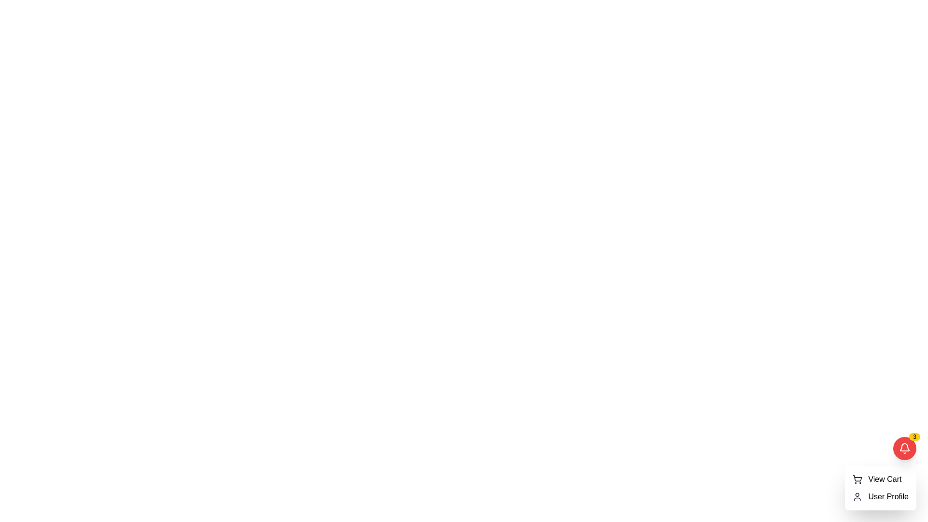 The width and height of the screenshot is (928, 522). I want to click on the notification count displayed on the notification badge indicating '3', located at the top-right corner of the red circular bell icon in the bottom-right corner of the interface, so click(914, 436).